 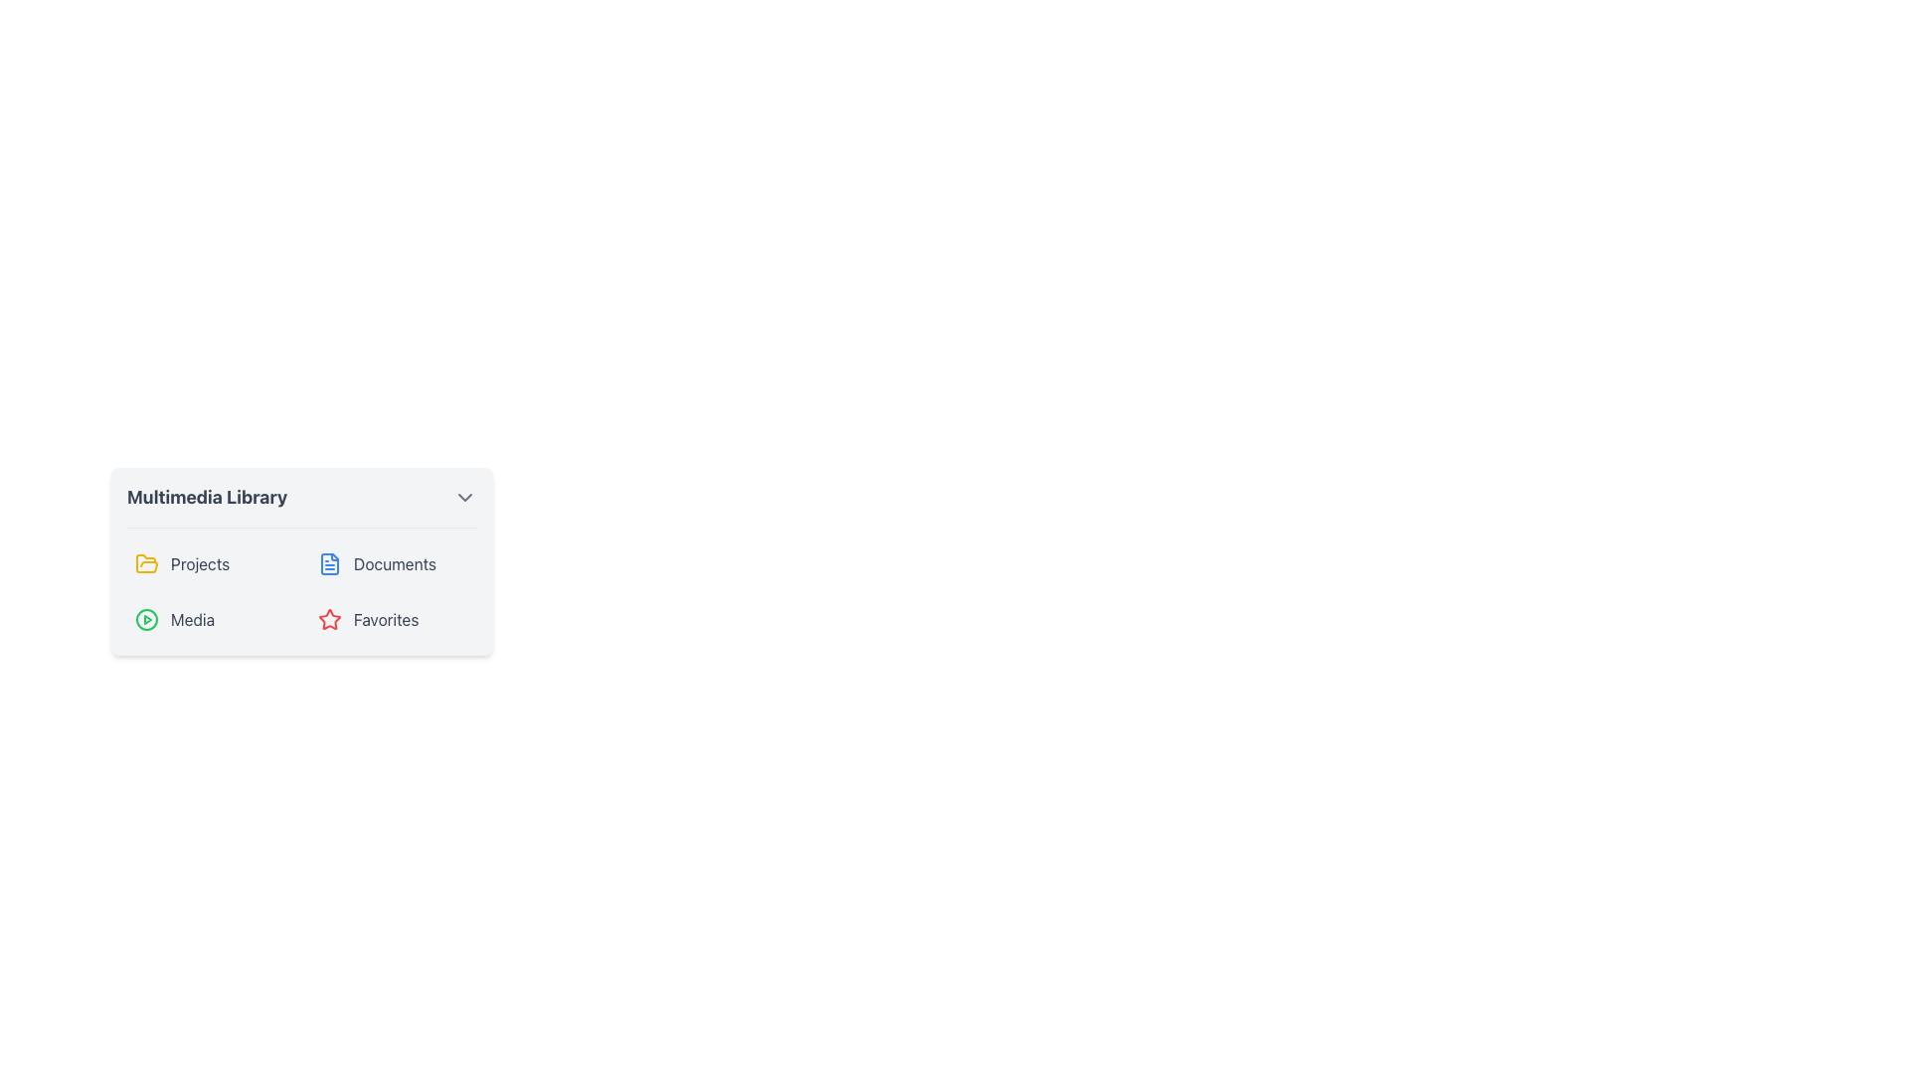 What do you see at coordinates (329, 563) in the screenshot?
I see `the 'Documents' icon in the Multimedia Library dropdown menu, which visually represents the 'Documents' section and is located between the 'Projects' option and the 'Documents' text label` at bounding box center [329, 563].